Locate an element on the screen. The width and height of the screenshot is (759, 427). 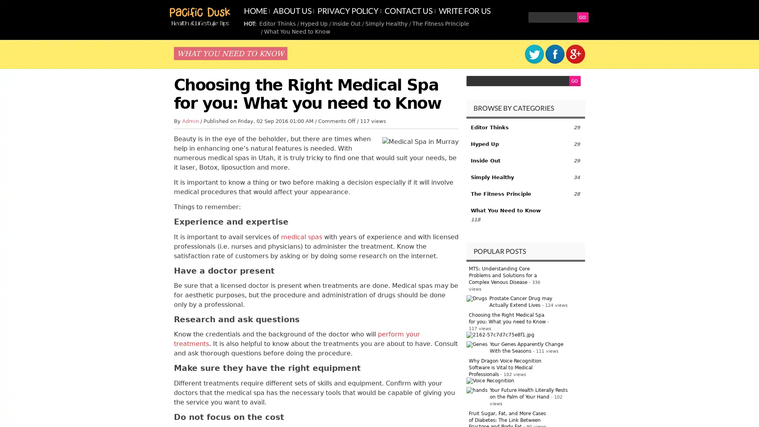
GO is located at coordinates (583, 17).